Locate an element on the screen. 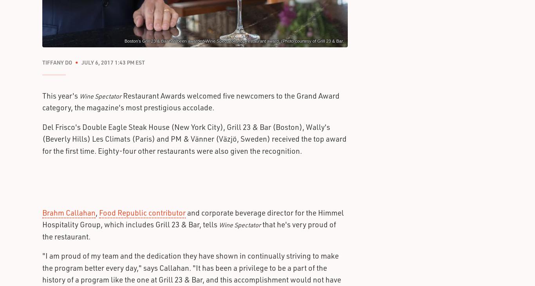 The height and width of the screenshot is (286, 535). 'Brahm Callahan' is located at coordinates (68, 212).